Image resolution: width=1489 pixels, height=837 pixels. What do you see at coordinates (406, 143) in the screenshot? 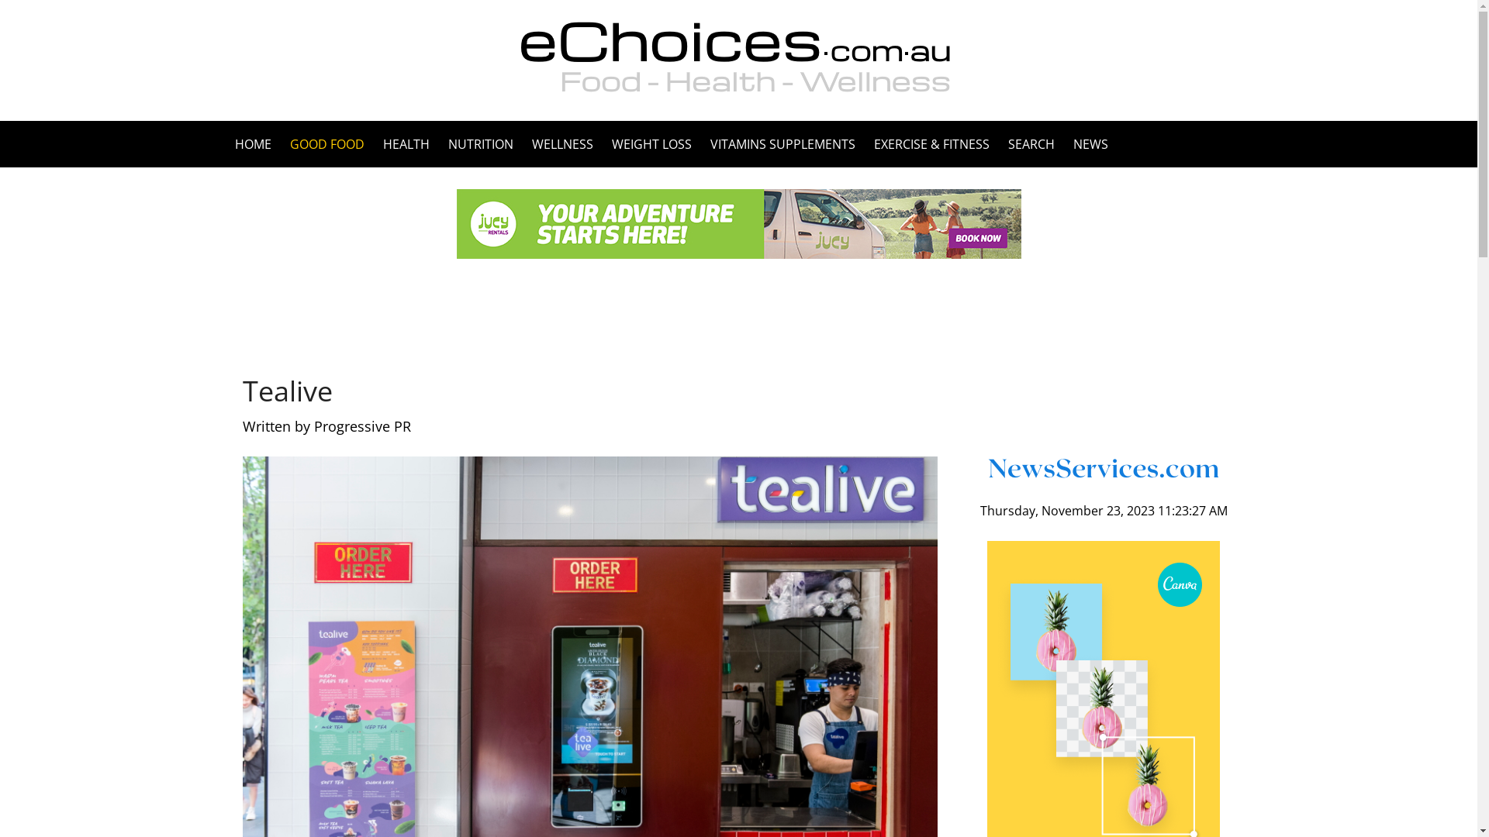
I see `'HEALTH'` at bounding box center [406, 143].